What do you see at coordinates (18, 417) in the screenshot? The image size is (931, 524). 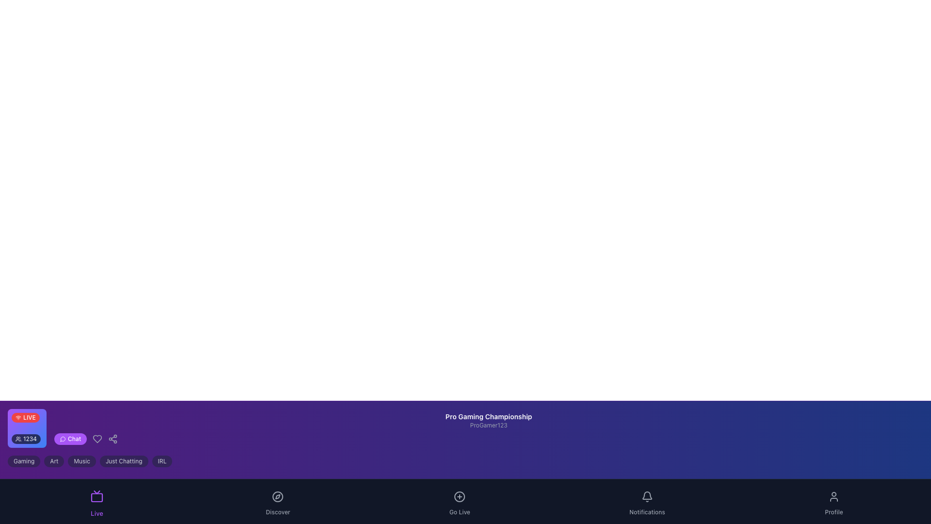 I see `the Wi-Fi connectivity indicator icon located at the top-left corner of the interface, adjacent to the 'LIVE' text` at bounding box center [18, 417].